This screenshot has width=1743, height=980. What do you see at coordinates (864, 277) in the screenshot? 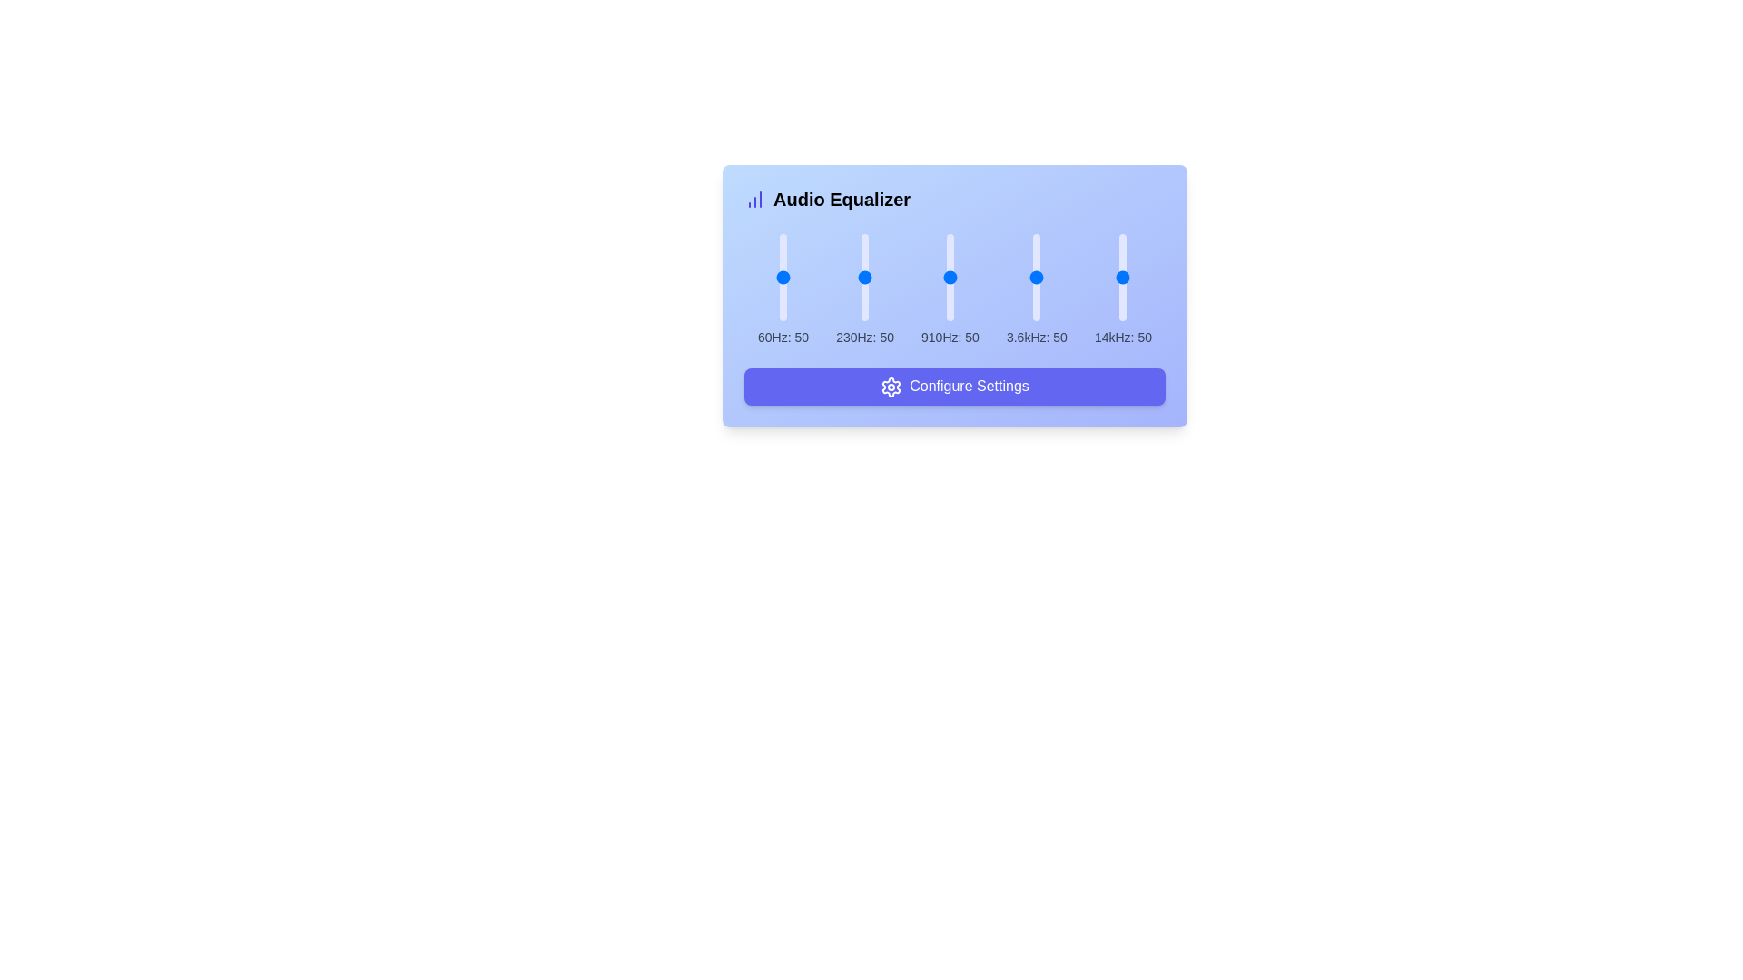
I see `the audio frequency slider control for the 230Hz band` at bounding box center [864, 277].